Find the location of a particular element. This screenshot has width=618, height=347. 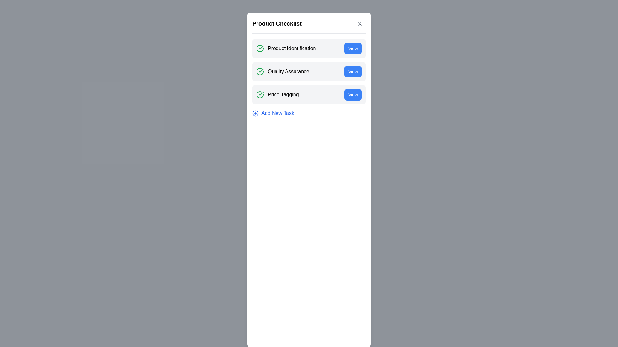

the text label 'Price Tagging' which is the third item in a vertically stacked list, located below 'Quality Assurance' and above 'Add New Task', with a green checkmark icon on its left is located at coordinates (283, 94).